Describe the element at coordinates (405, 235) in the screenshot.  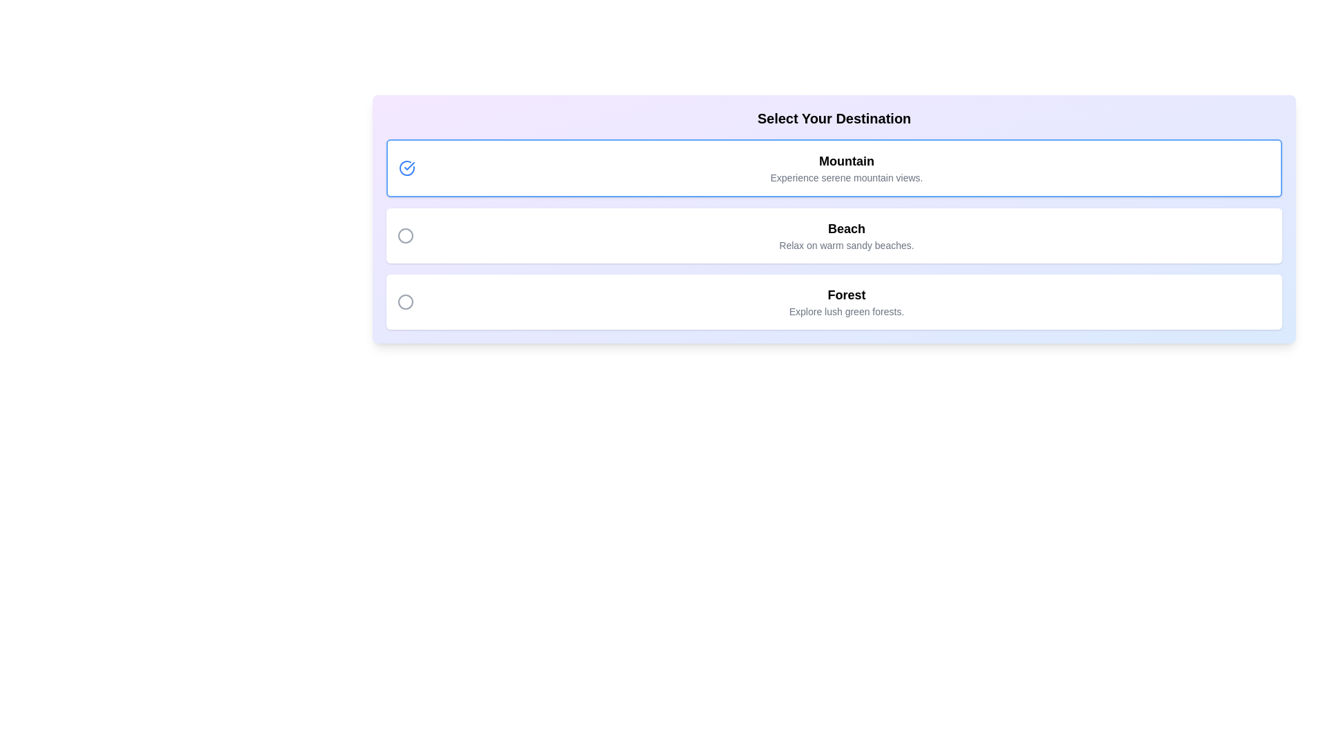
I see `the center of the second radio button in the vertical list labeled 'Beach'` at that location.